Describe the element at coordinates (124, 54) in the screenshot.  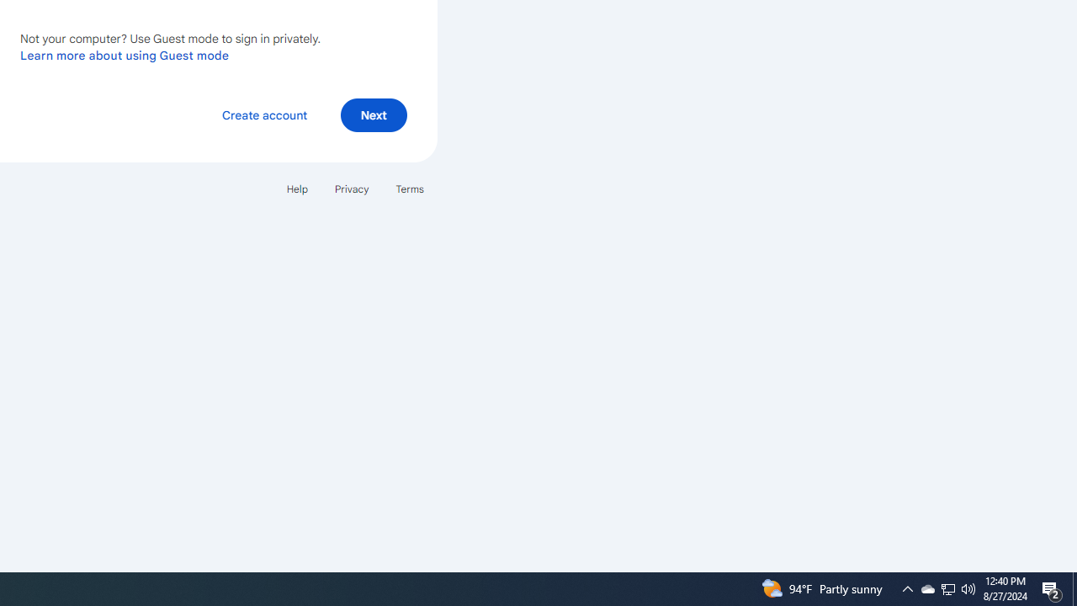
I see `'Learn more about using Guest mode'` at that location.